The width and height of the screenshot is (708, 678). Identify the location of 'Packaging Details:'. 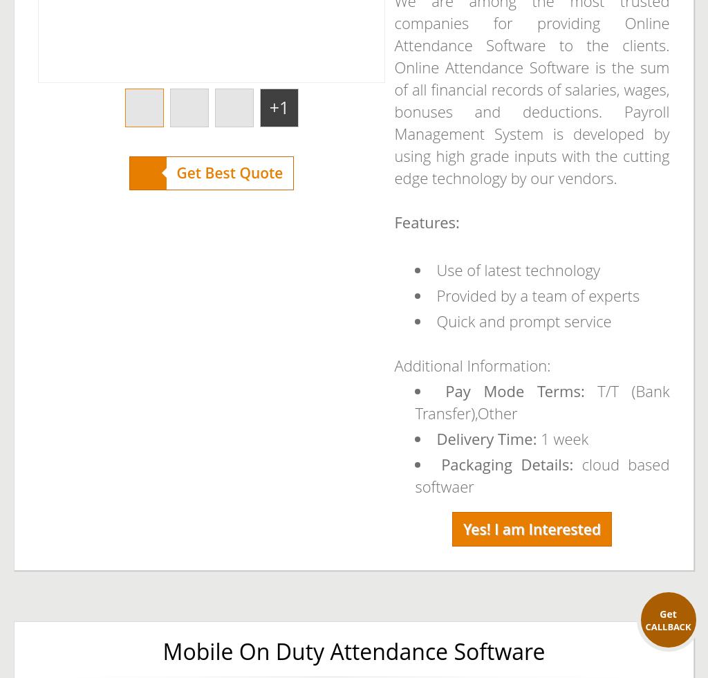
(440, 464).